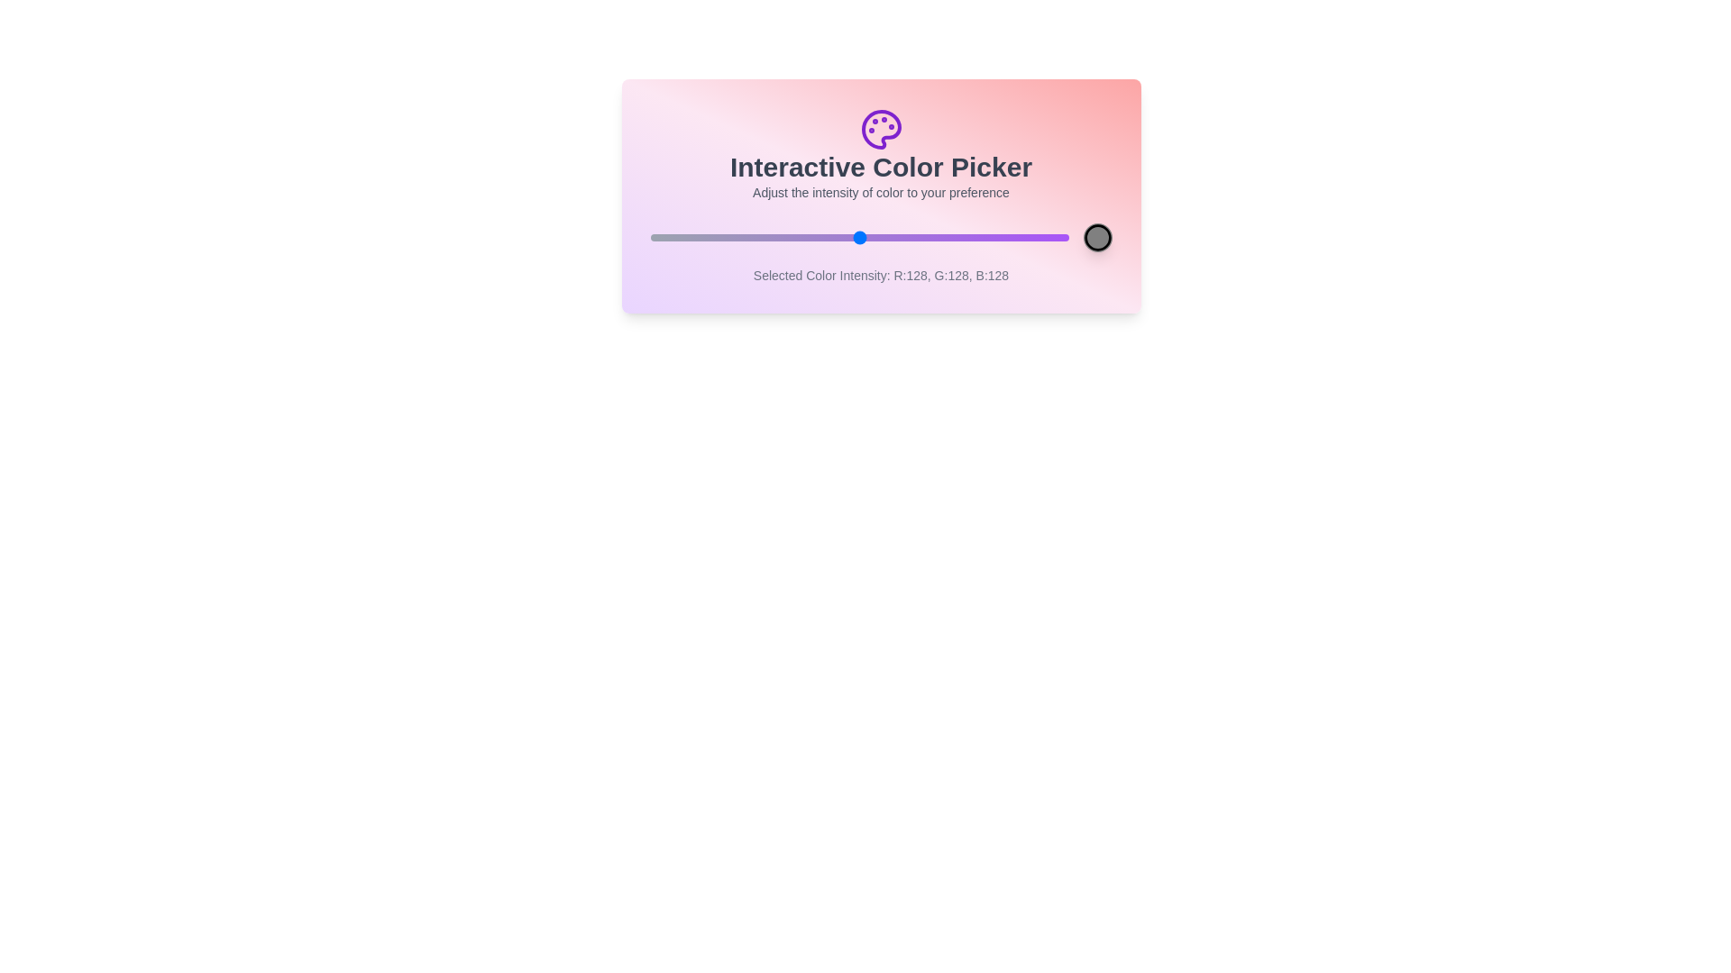  What do you see at coordinates (791, 236) in the screenshot?
I see `the color intensity to 86 by dragging the slider` at bounding box center [791, 236].